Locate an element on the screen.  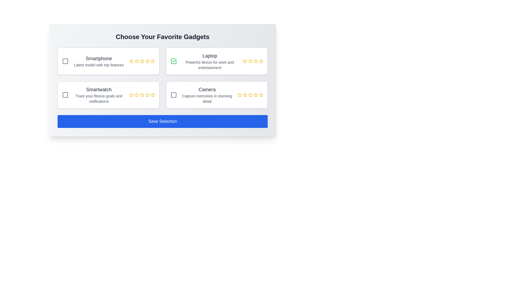
the fourth star icon is located at coordinates (255, 61).